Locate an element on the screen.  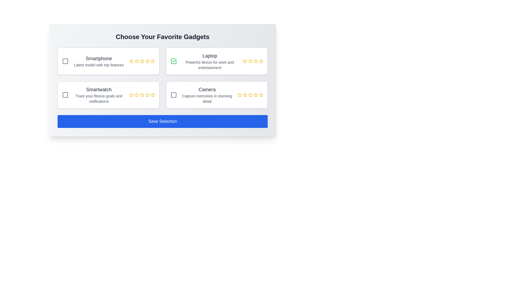
the fourth star icon is located at coordinates (255, 61).